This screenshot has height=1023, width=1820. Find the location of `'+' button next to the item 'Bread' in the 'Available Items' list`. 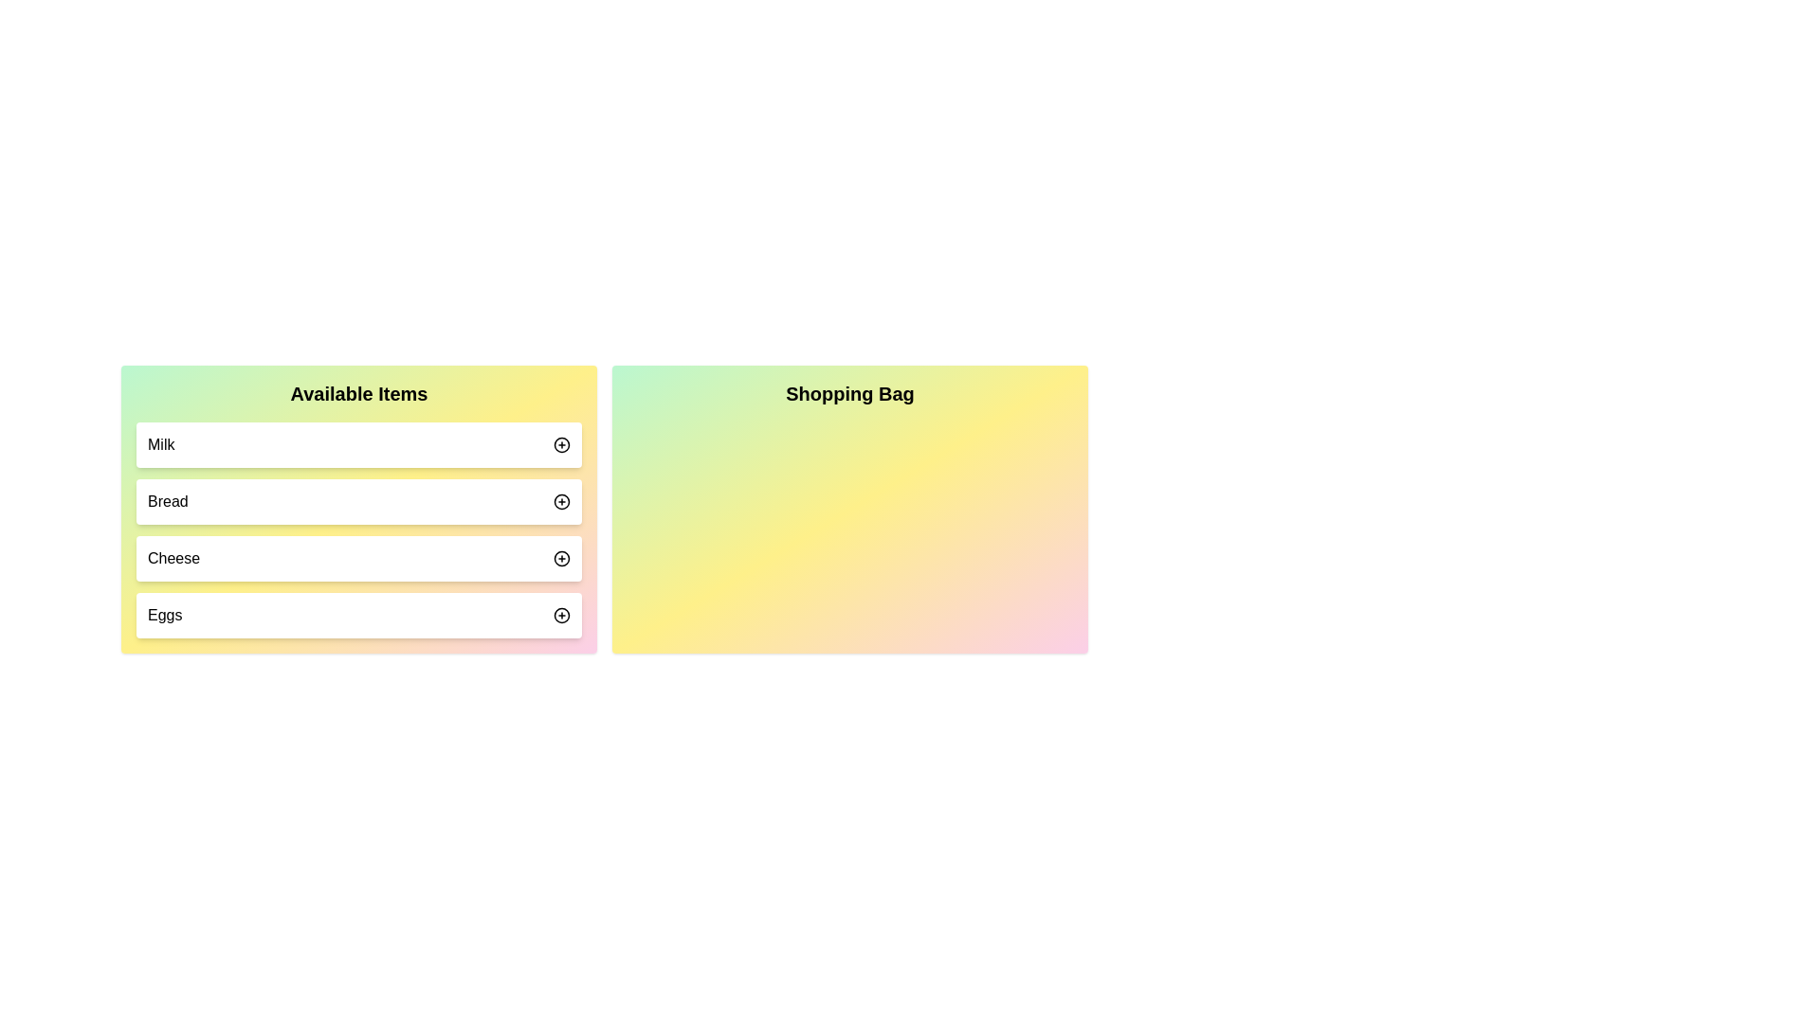

'+' button next to the item 'Bread' in the 'Available Items' list is located at coordinates (561, 500).